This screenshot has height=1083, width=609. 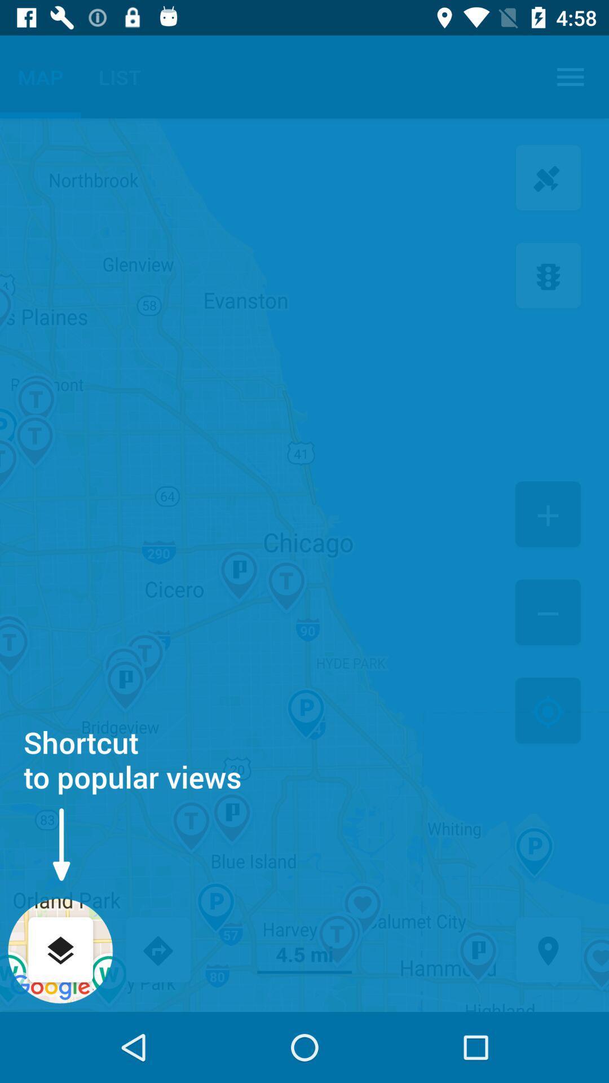 I want to click on icon to the right of the shortcut to popular item, so click(x=548, y=711).